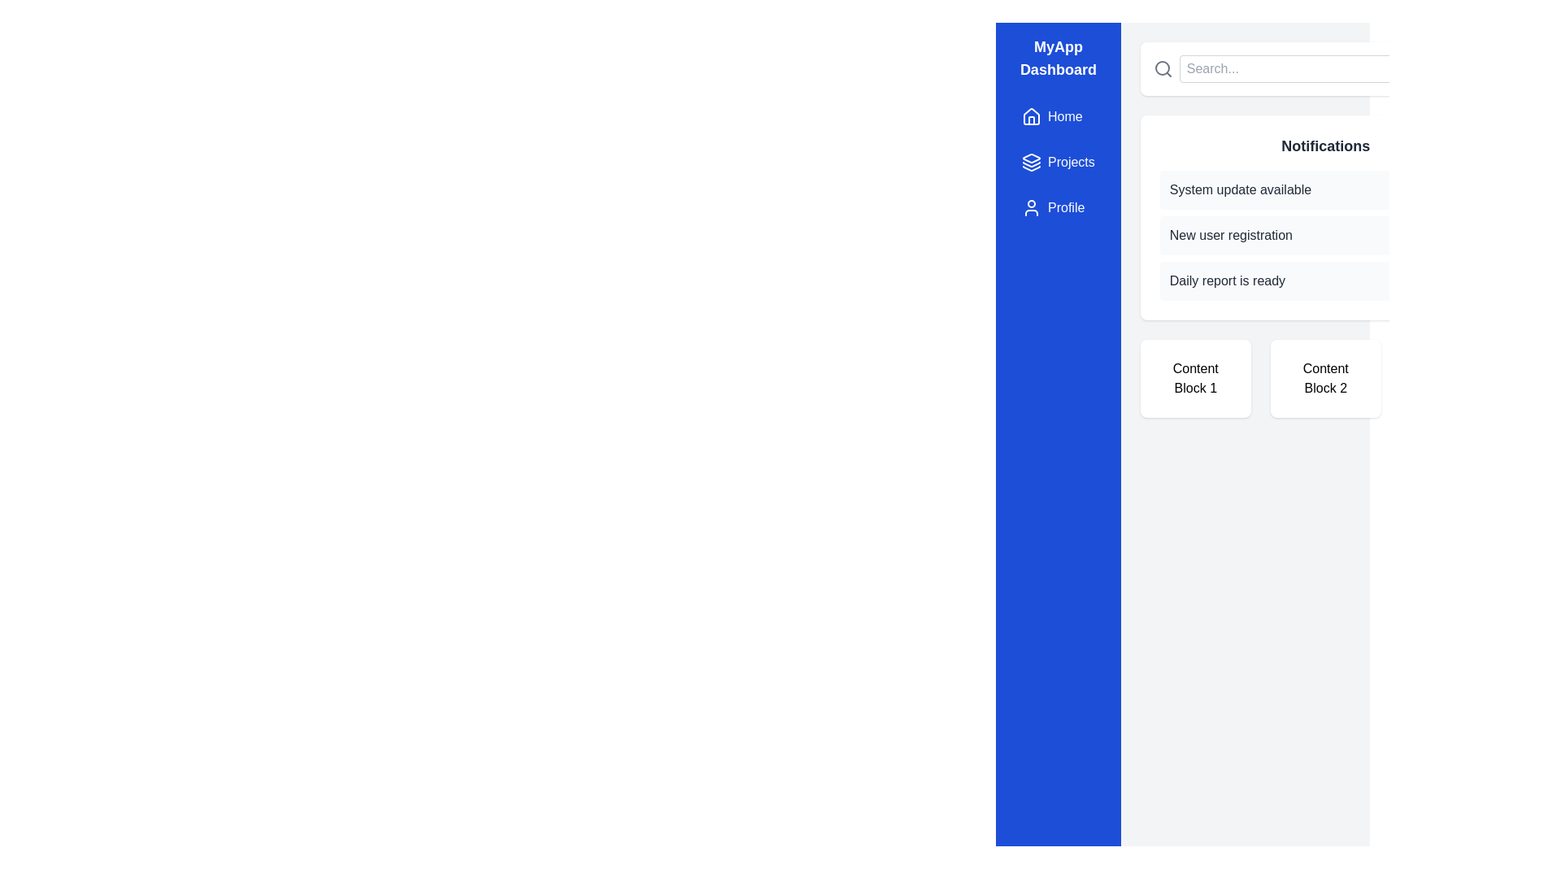 The height and width of the screenshot is (878, 1561). Describe the element at coordinates (1325, 379) in the screenshot. I see `the 'Content Block 2' card element to focus it, which is positioned between 'Content Block 1' and 'Content Block 3' in the bottom-right section of the interface` at that location.